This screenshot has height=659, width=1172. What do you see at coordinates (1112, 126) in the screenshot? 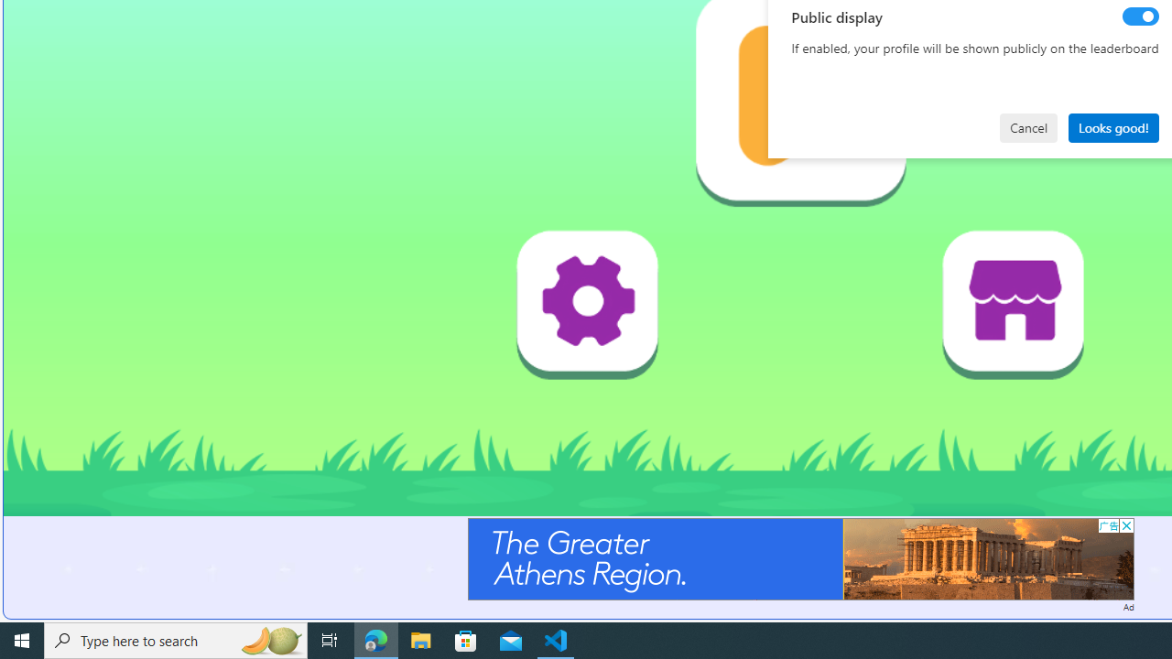
I see `'Looks good!'` at bounding box center [1112, 126].